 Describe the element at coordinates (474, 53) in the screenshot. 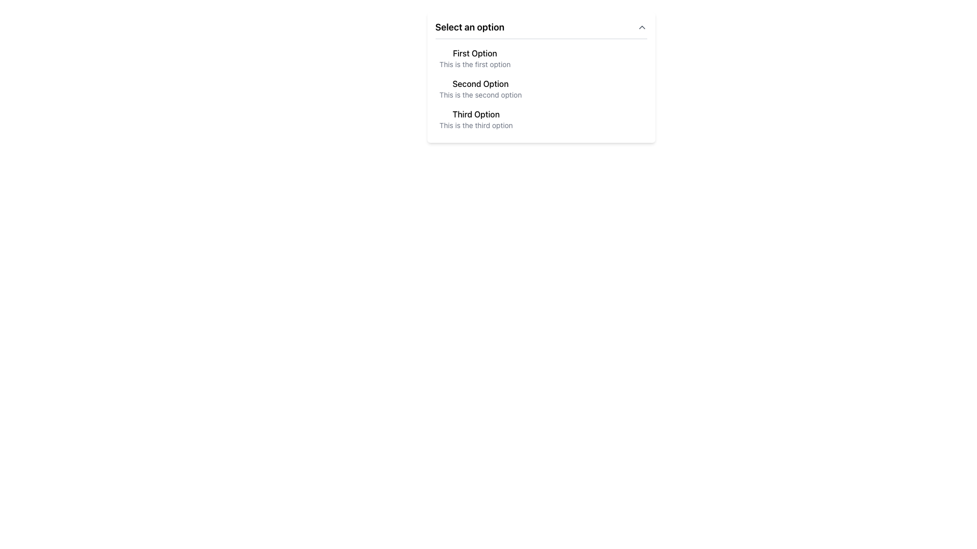

I see `text label element that indicates the first choice in the dropdown menu labeled 'Select an option', positioned above 'This is the first option'` at that location.